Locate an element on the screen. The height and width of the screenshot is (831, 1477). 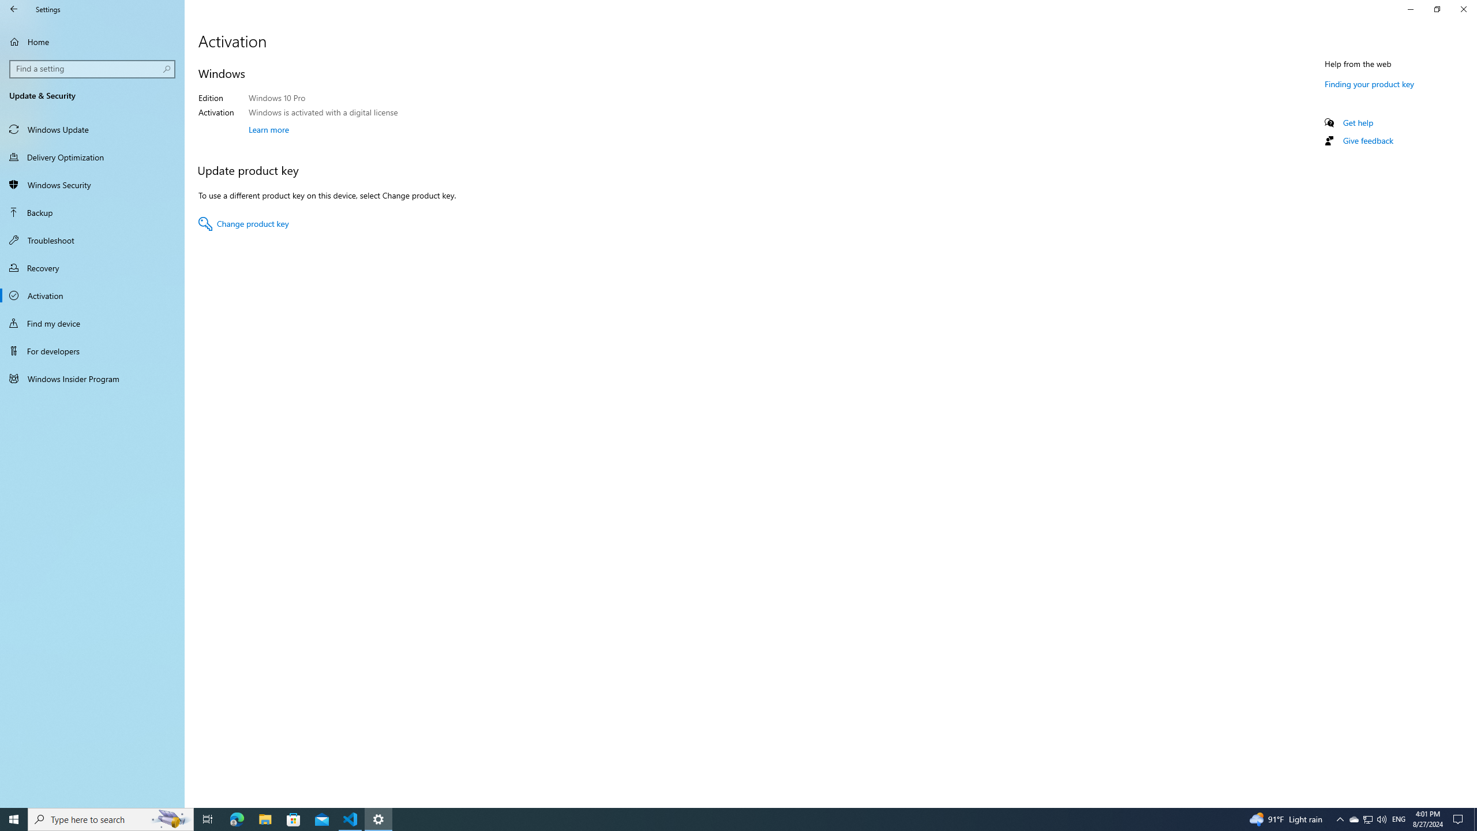
'Windows Insider Program' is located at coordinates (92, 377).